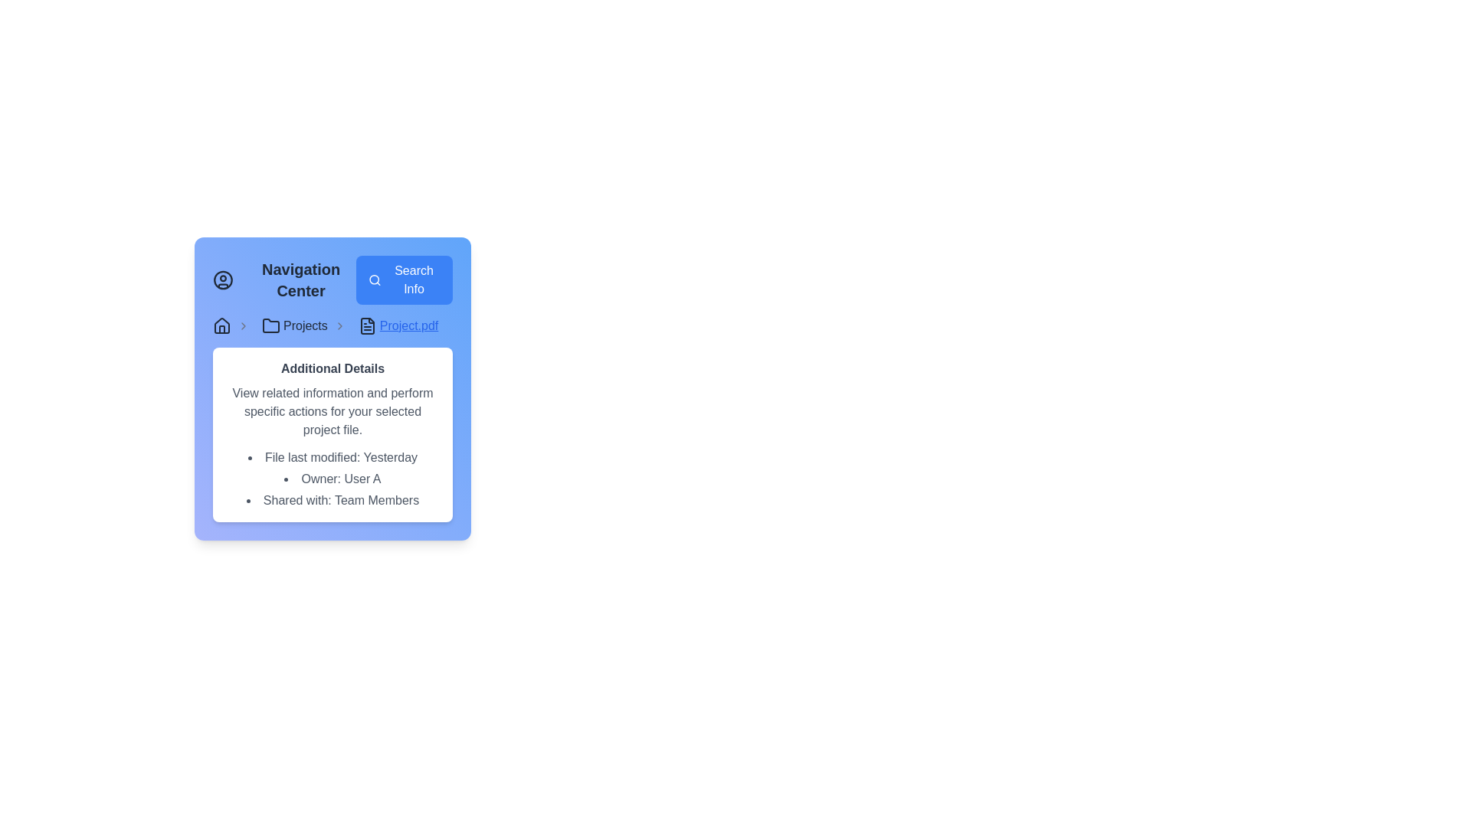 This screenshot has height=827, width=1471. I want to click on the outermost circle of the user avatar icon located in the top left header of the Navigation Center panel, so click(222, 280).